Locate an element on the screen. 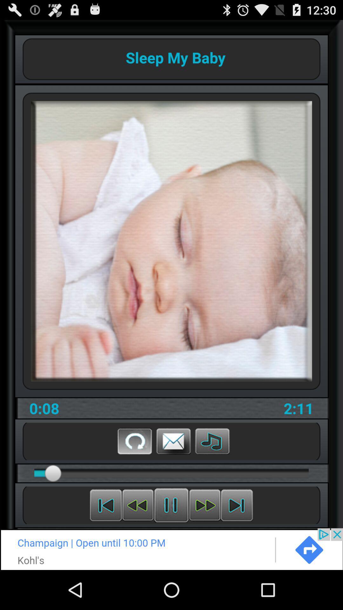  rewind the song is located at coordinates (105, 505).